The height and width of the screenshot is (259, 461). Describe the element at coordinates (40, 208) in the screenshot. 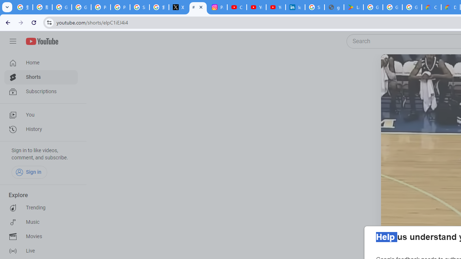

I see `'Trending'` at that location.